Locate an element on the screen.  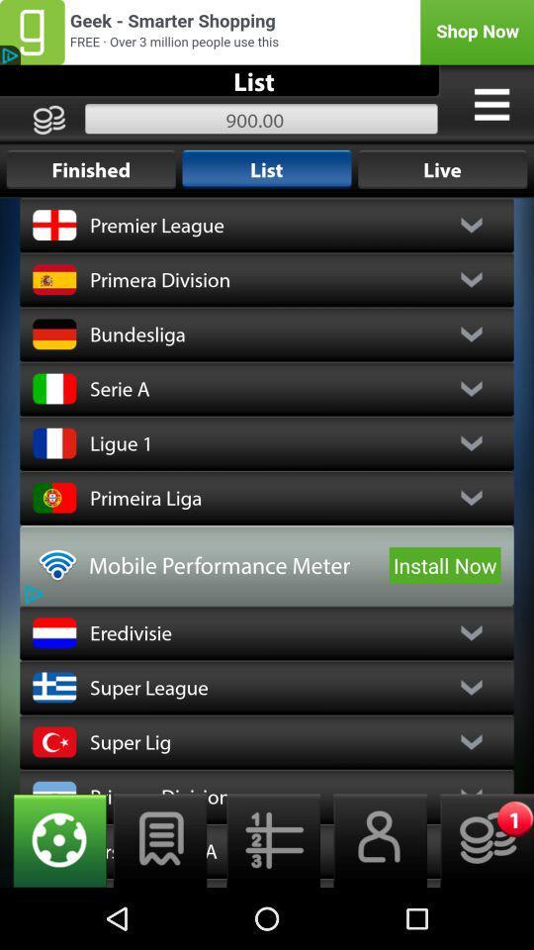
list button is located at coordinates (159, 839).